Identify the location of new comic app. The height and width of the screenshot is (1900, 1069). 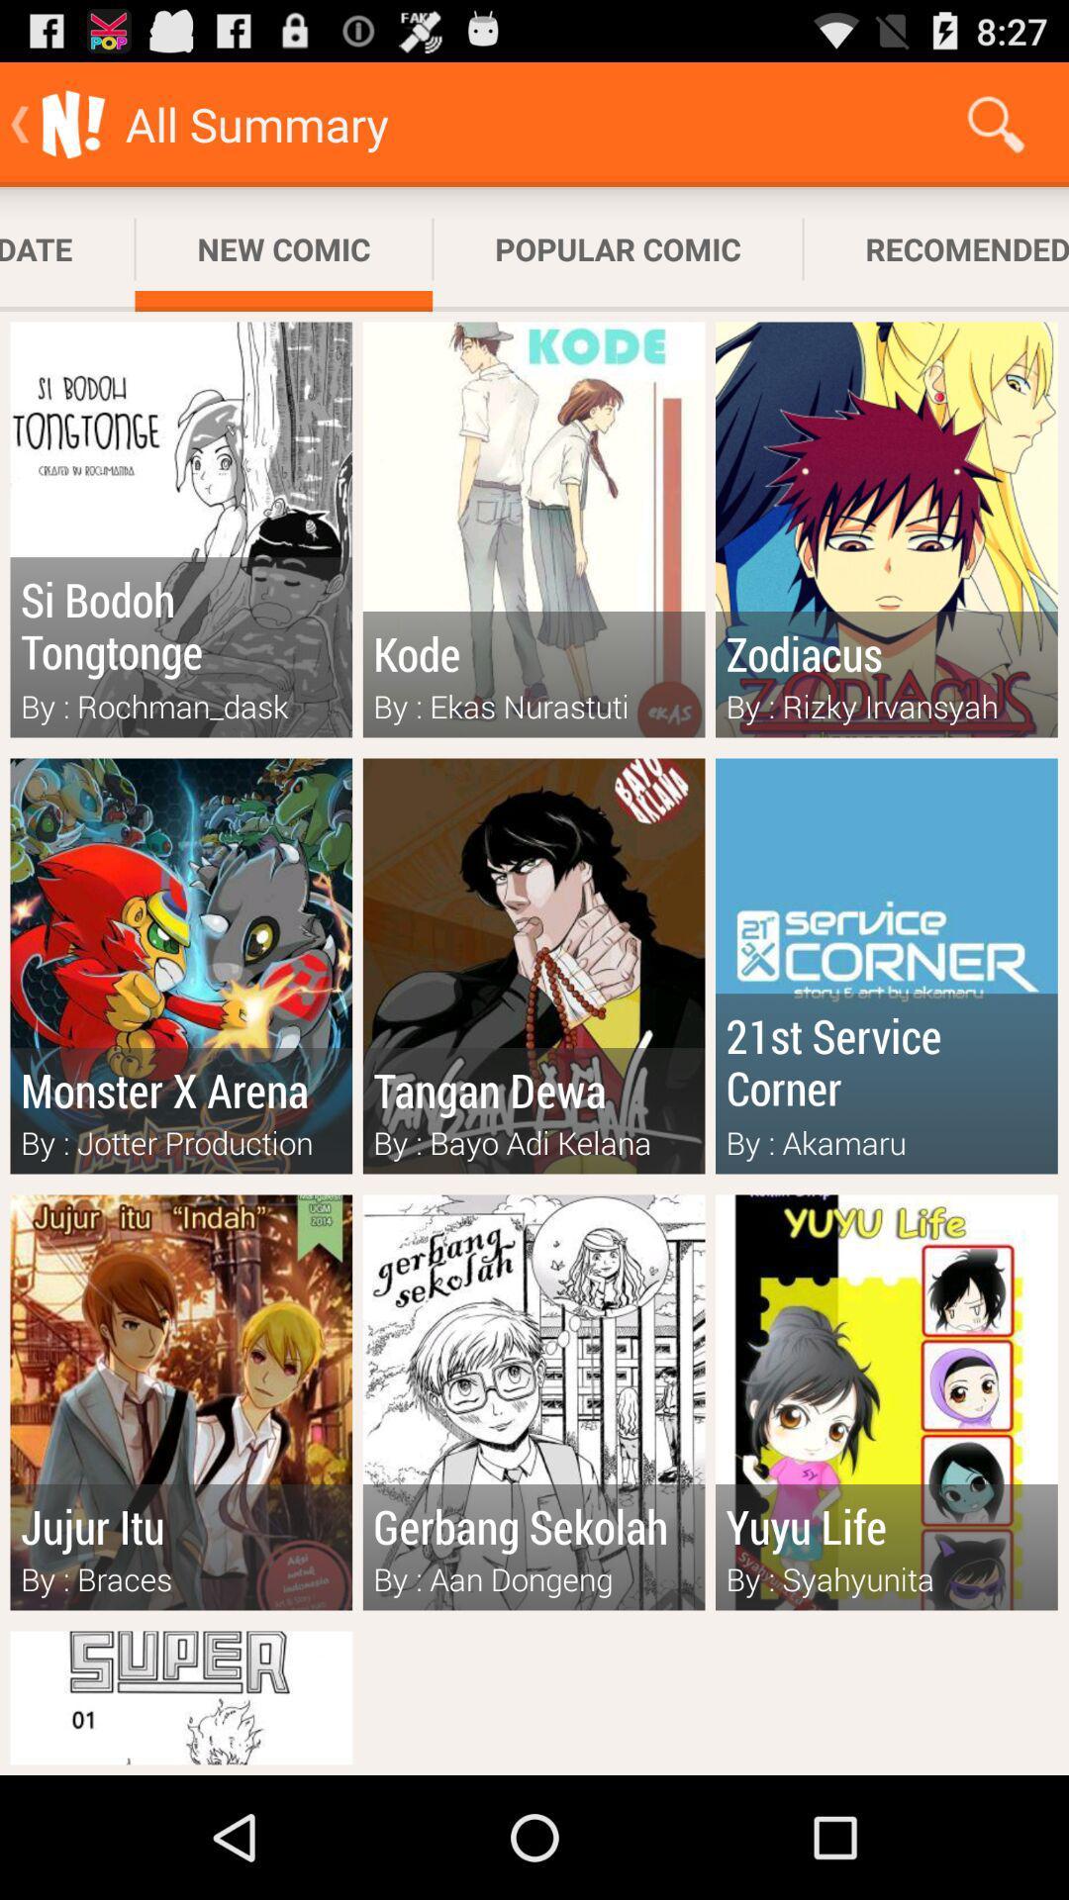
(283, 248).